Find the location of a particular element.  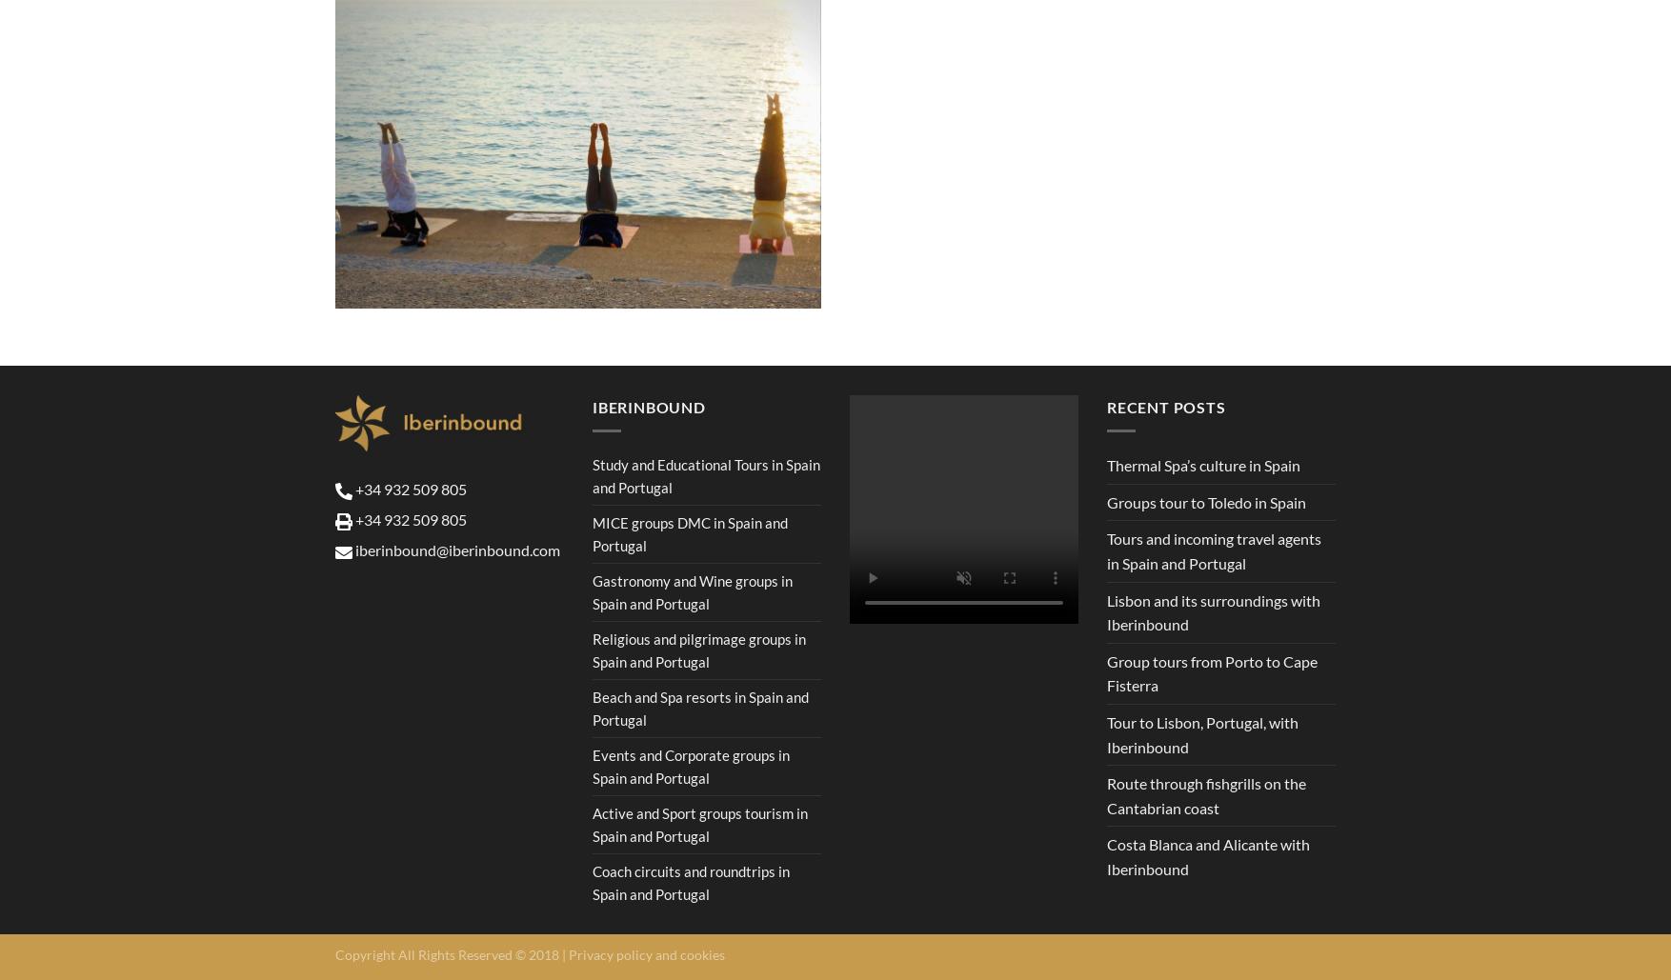

'Tour to Lisbon, Portugal, with Iberinbound' is located at coordinates (1202, 733).